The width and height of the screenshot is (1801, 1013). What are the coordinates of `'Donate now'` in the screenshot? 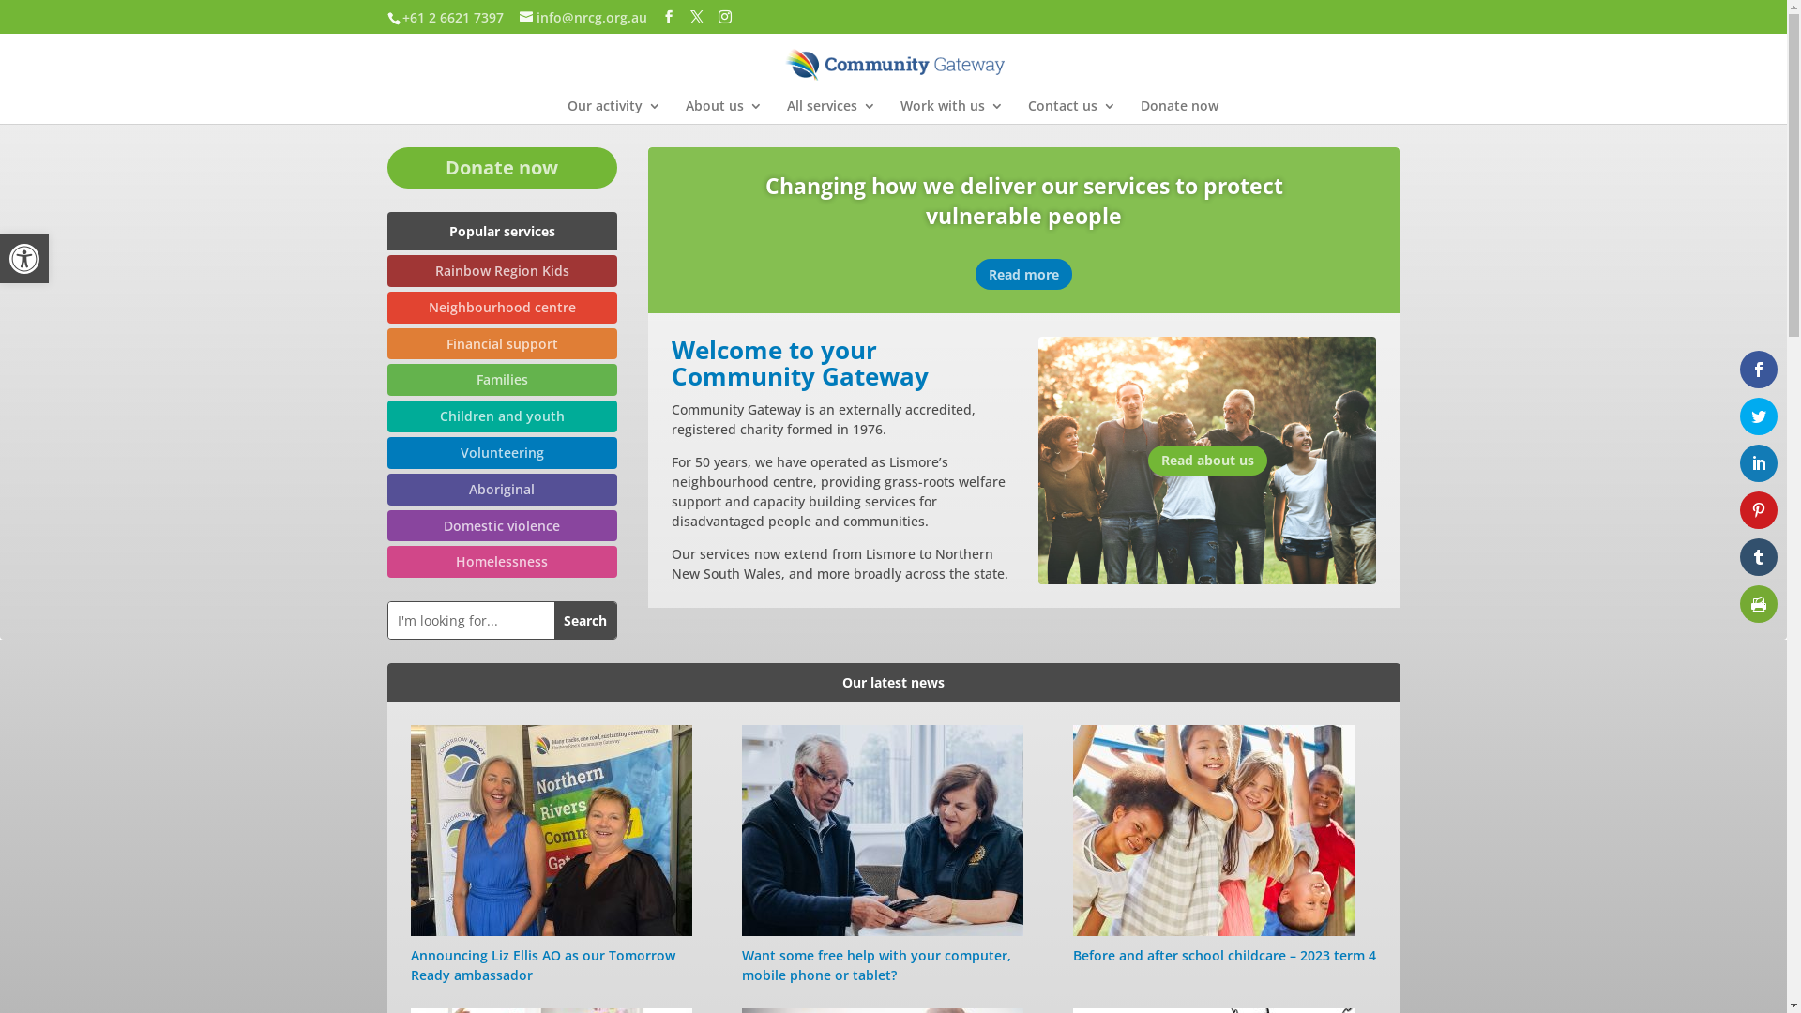 It's located at (386, 166).